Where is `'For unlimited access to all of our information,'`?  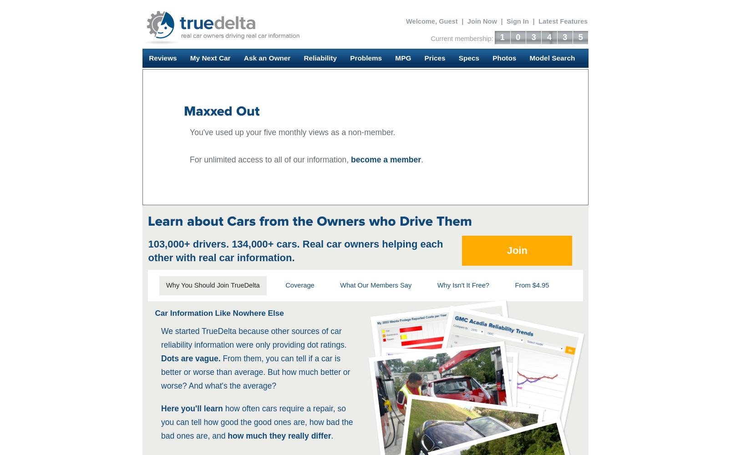 'For unlimited access to all of our information,' is located at coordinates (270, 159).